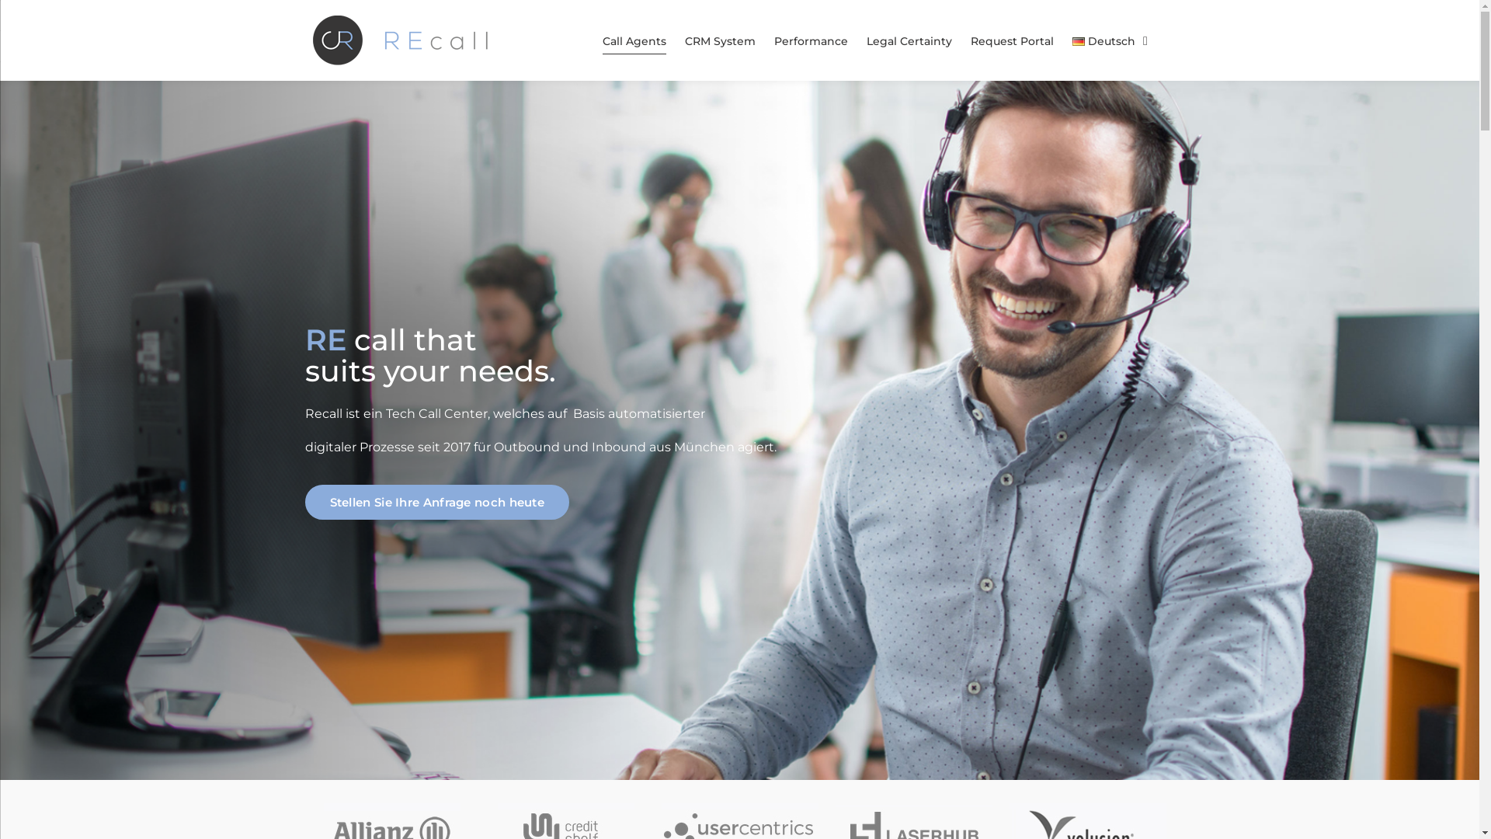  Describe the element at coordinates (1109, 40) in the screenshot. I see `'Deutsch'` at that location.